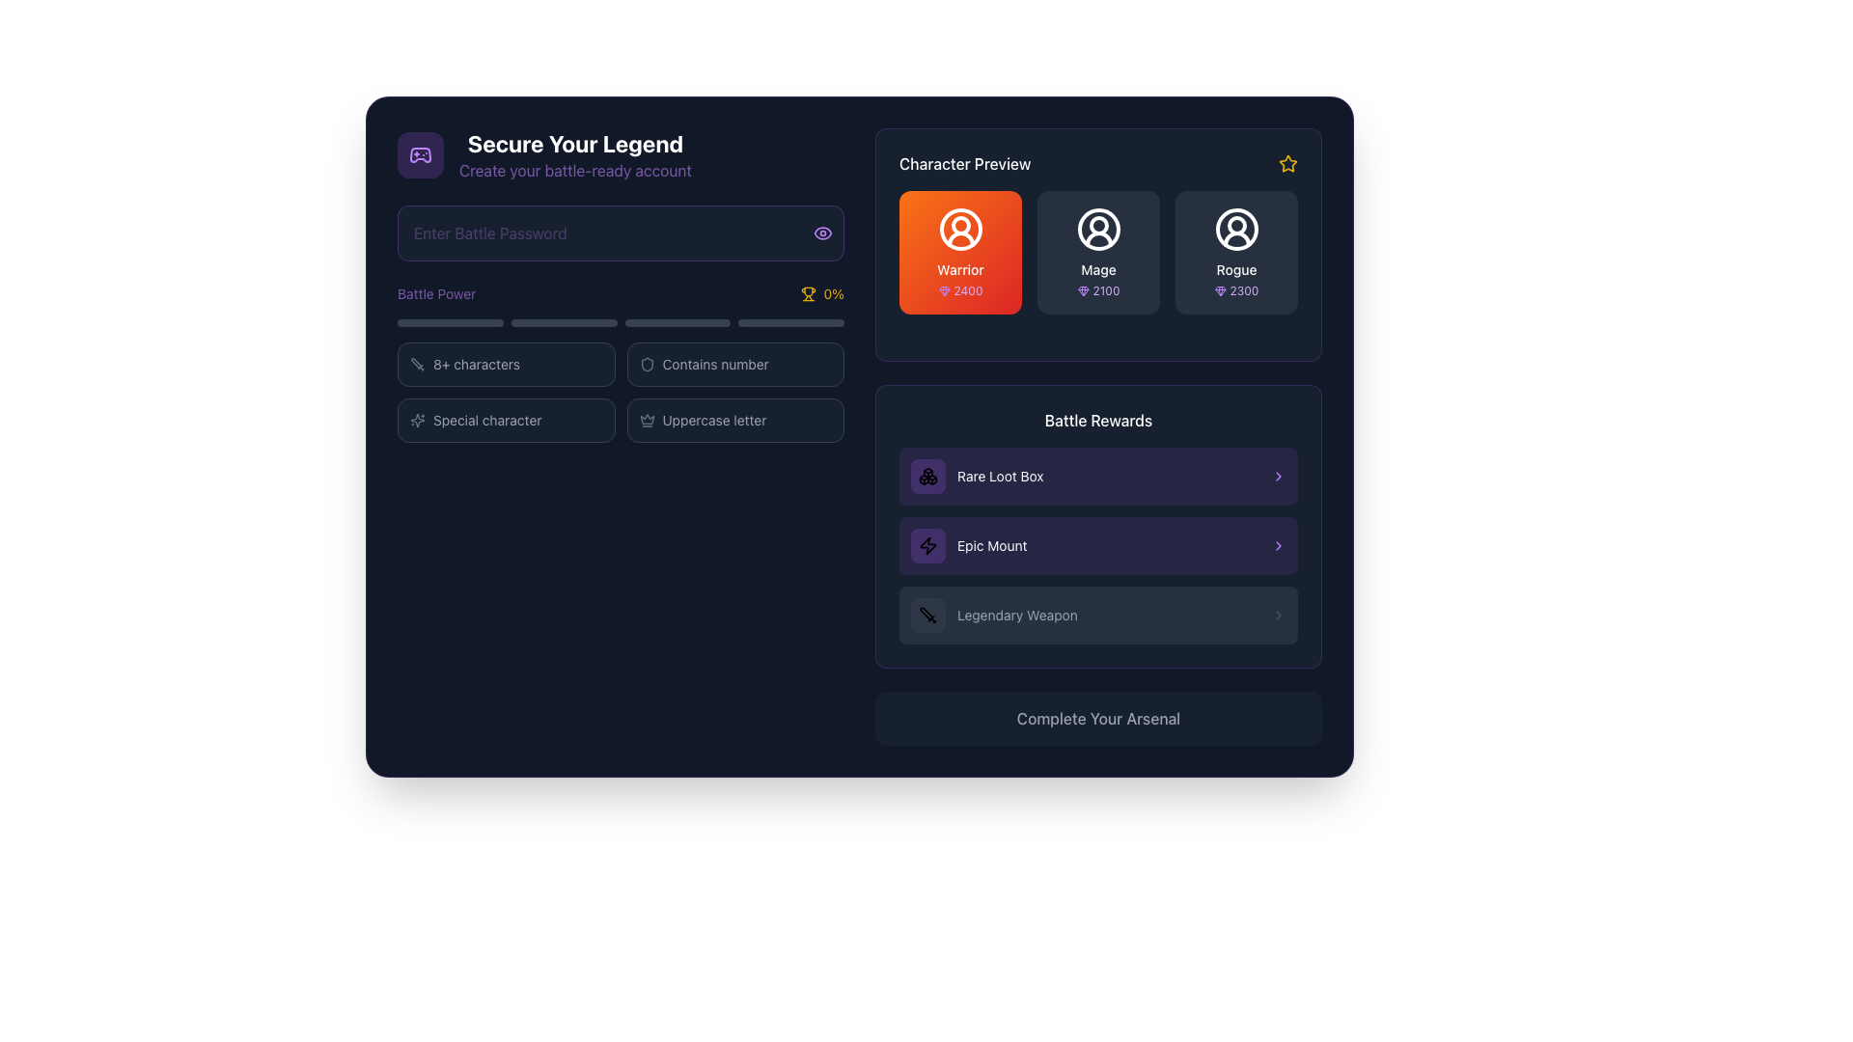 The width and height of the screenshot is (1853, 1042). Describe the element at coordinates (791, 322) in the screenshot. I see `the slim rectangular progress bar with rounded ends that is solid red, located in the bottom right quadrant of the 'Battle Power' section` at that location.